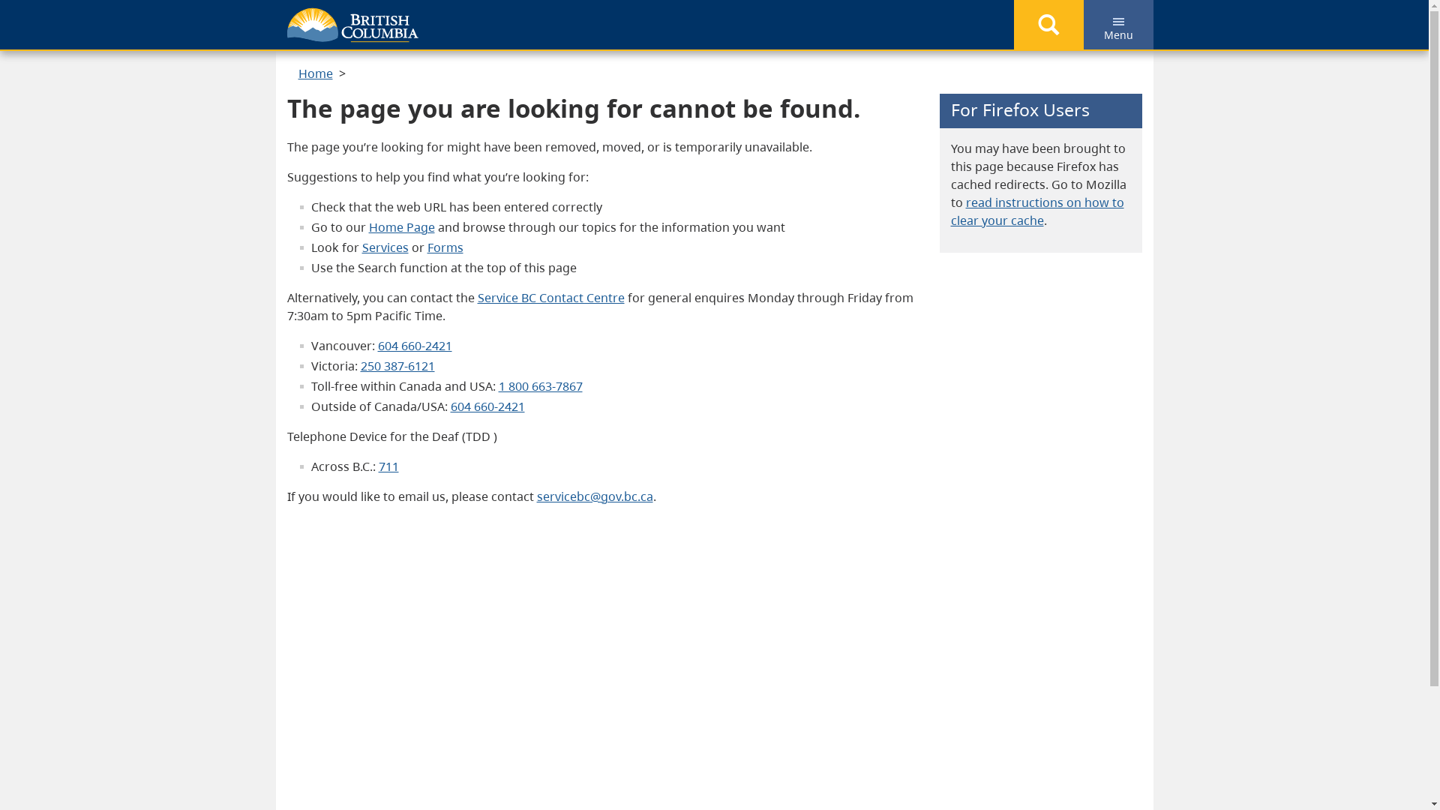 The image size is (1440, 810). Describe the element at coordinates (397, 366) in the screenshot. I see `'250 387-6121'` at that location.